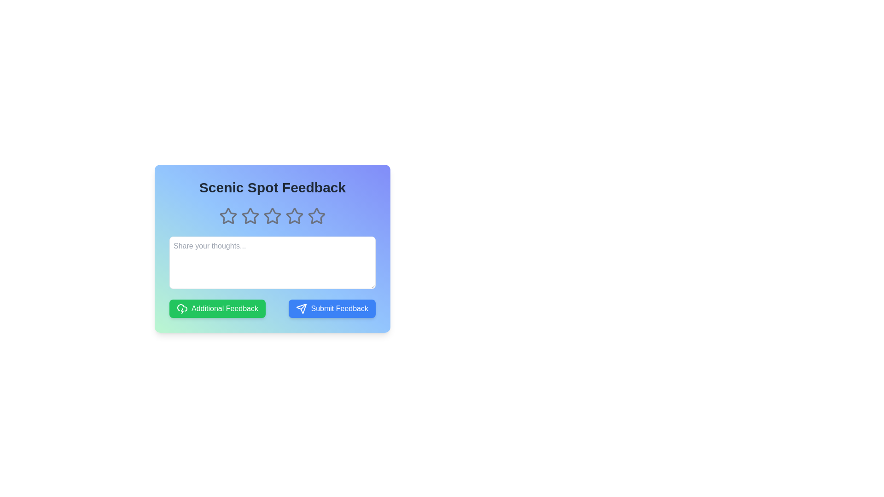  What do you see at coordinates (294, 216) in the screenshot?
I see `the star corresponding to the desired rating 4` at bounding box center [294, 216].